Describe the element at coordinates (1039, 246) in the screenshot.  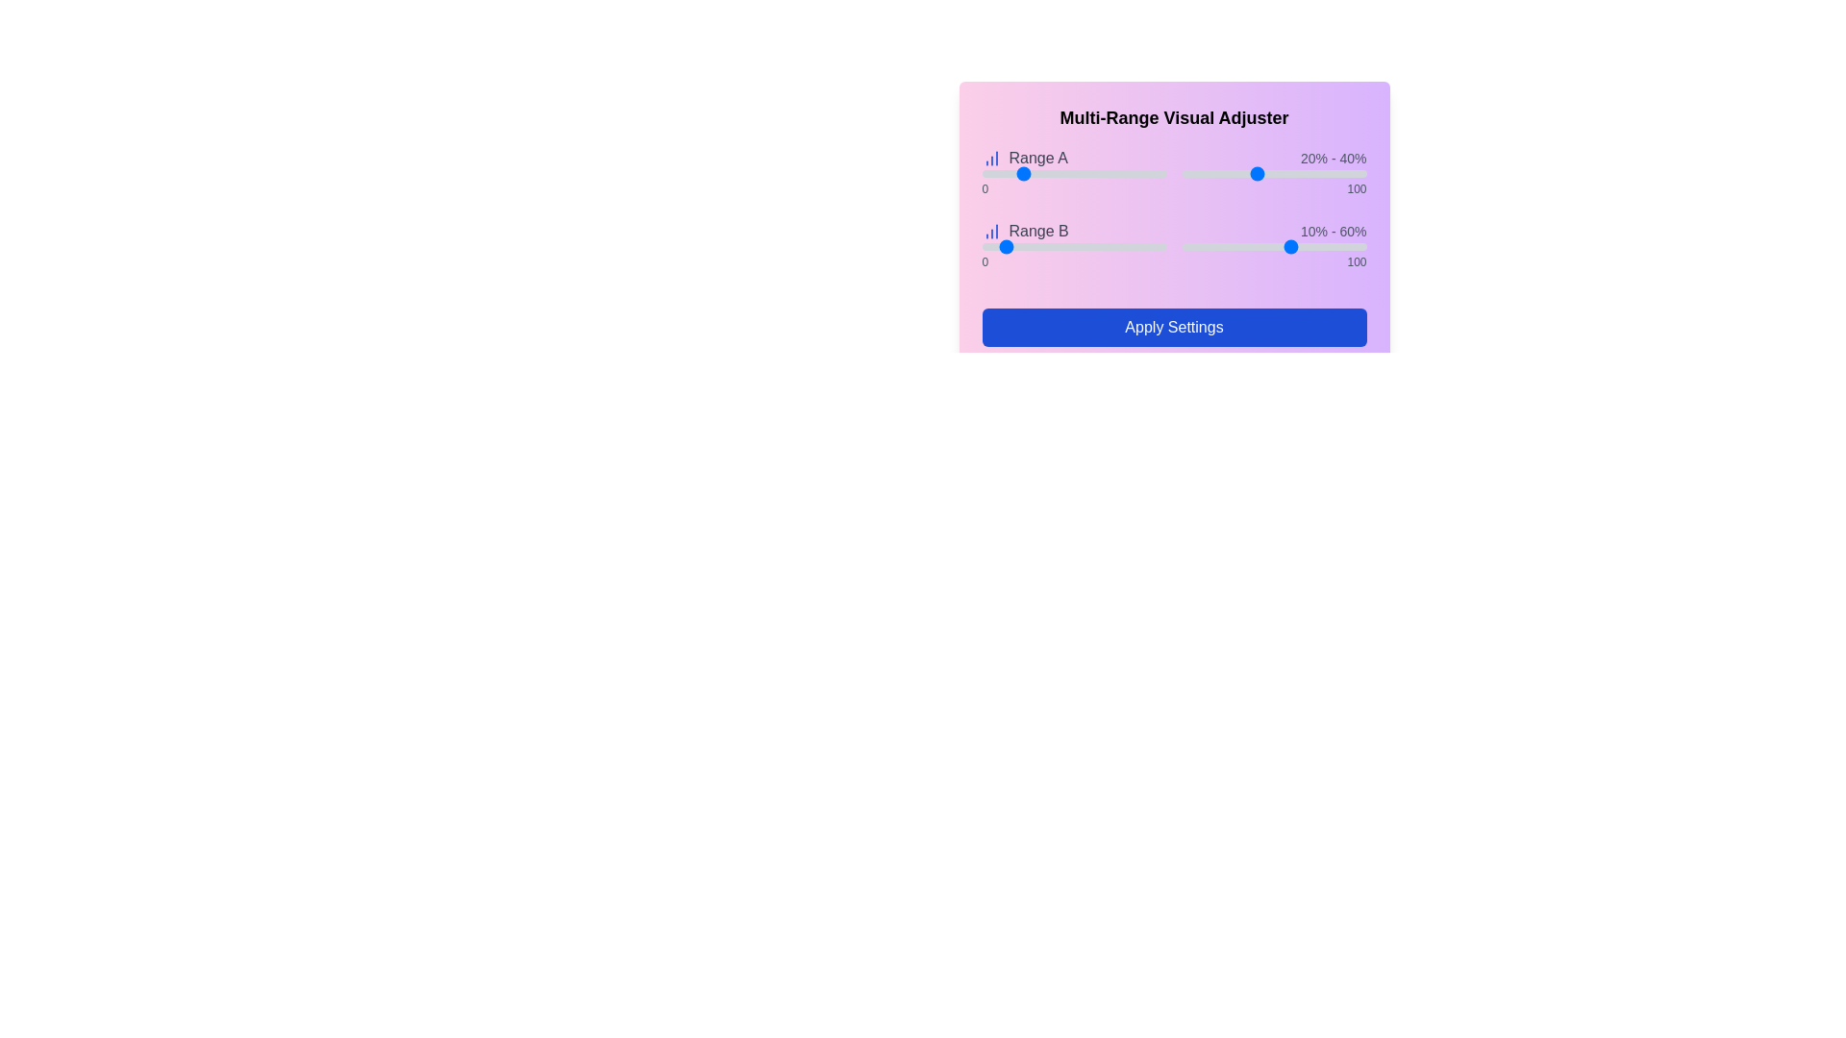
I see `the Range B slider position` at that location.